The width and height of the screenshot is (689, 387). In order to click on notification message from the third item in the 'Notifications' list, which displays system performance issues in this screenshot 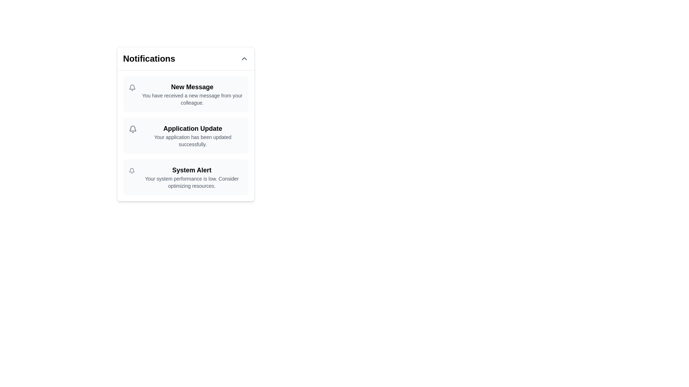, I will do `click(192, 177)`.